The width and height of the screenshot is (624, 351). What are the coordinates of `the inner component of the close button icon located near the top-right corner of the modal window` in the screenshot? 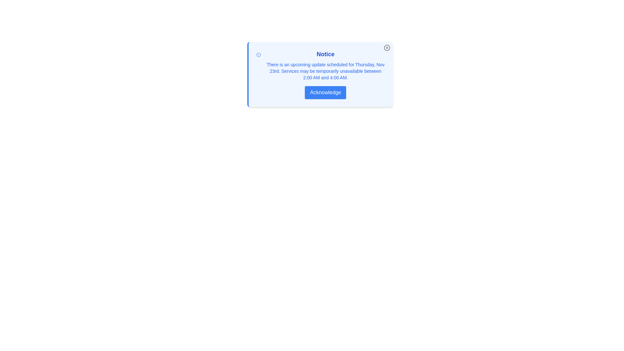 It's located at (387, 47).